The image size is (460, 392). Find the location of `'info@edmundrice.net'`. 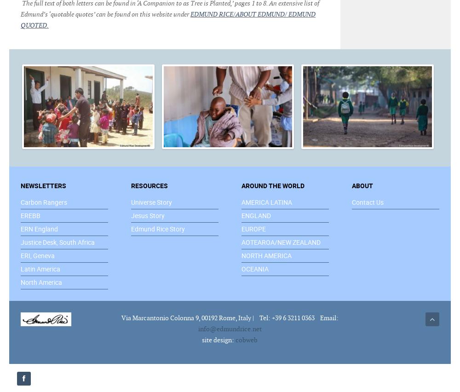

'info@edmundrice.net' is located at coordinates (198, 328).